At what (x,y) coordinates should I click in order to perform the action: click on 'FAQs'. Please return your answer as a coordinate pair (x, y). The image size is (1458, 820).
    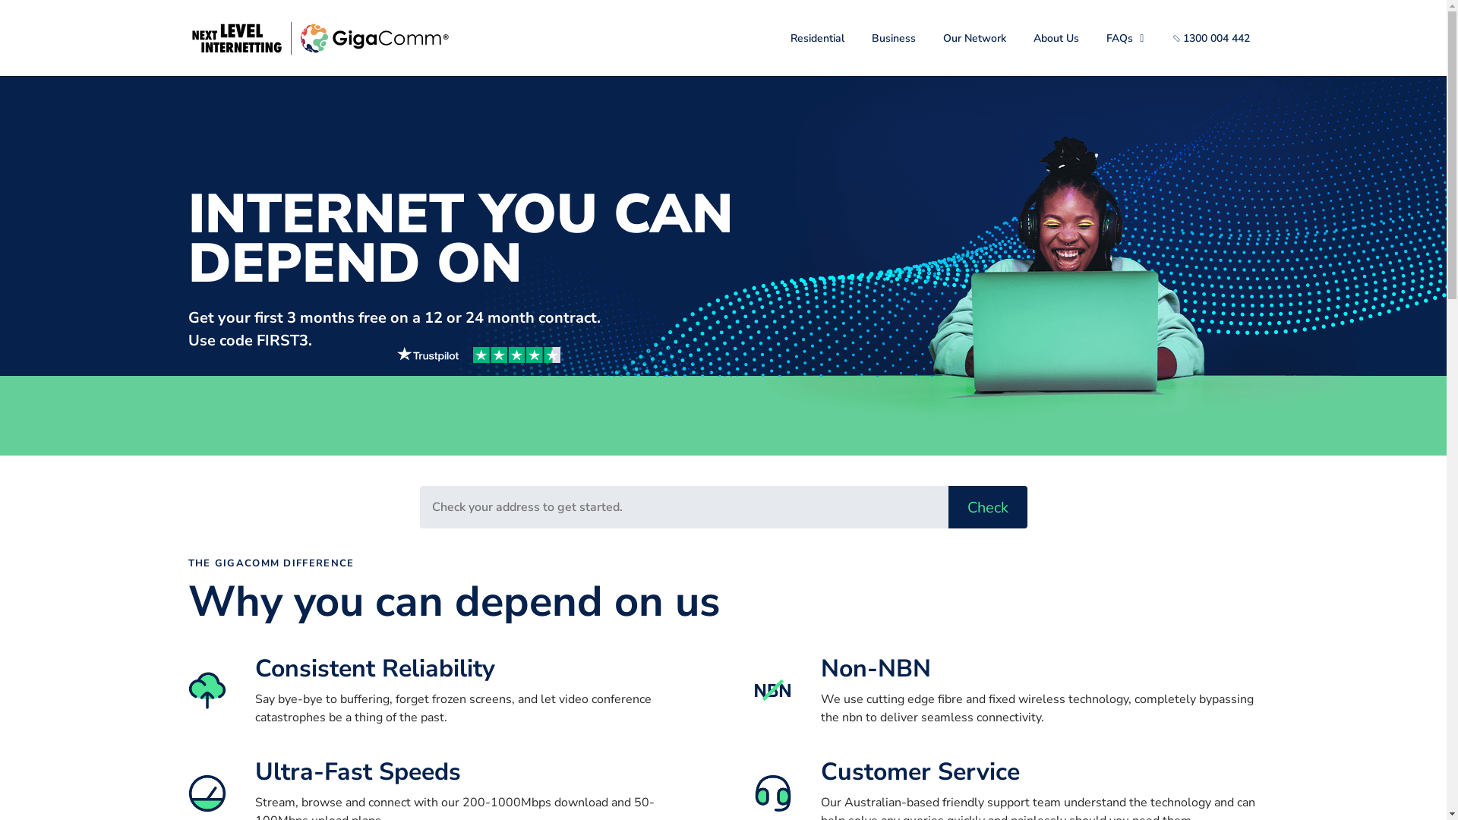
    Looking at the image, I should click on (1097, 36).